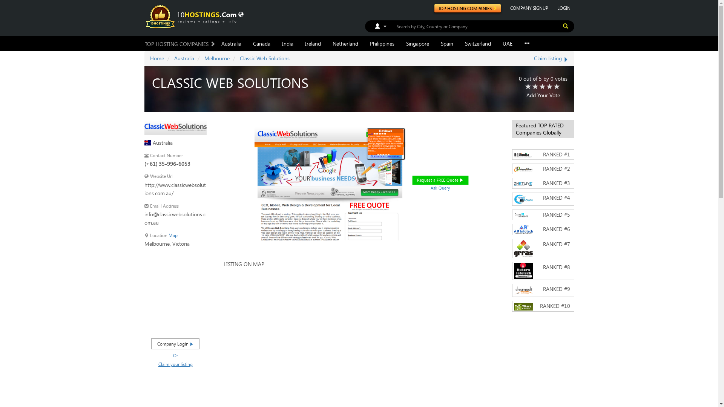 This screenshot has height=407, width=724. Describe the element at coordinates (447, 182) in the screenshot. I see `'Request a FREE Quote'` at that location.